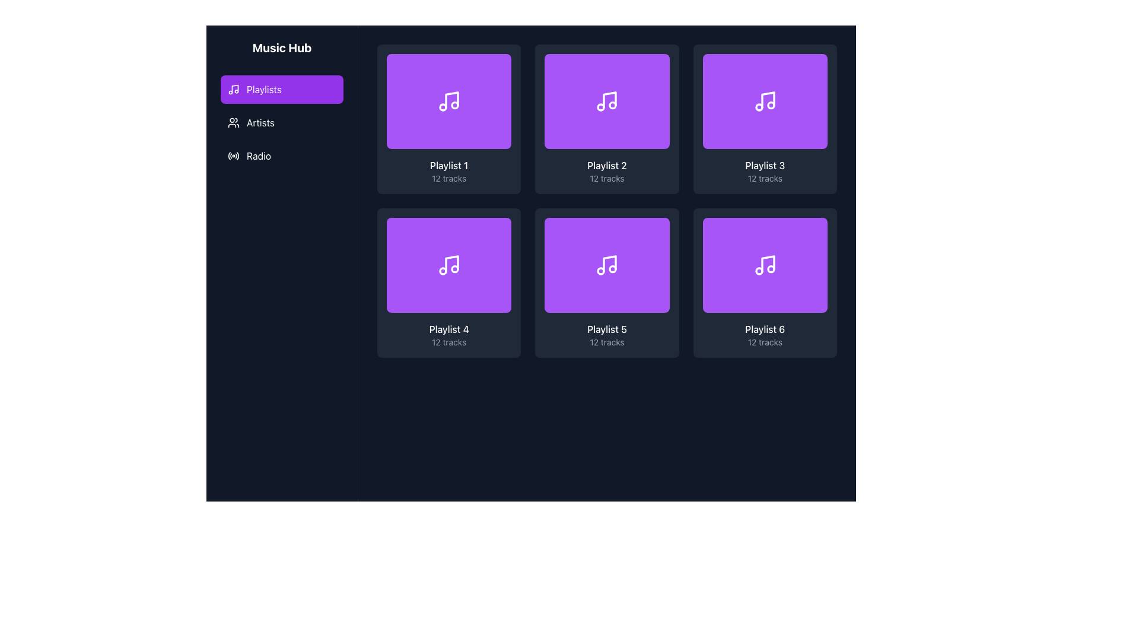 This screenshot has width=1139, height=641. I want to click on the 'Artists' navigation menu item in the Music Hub section, so click(281, 123).